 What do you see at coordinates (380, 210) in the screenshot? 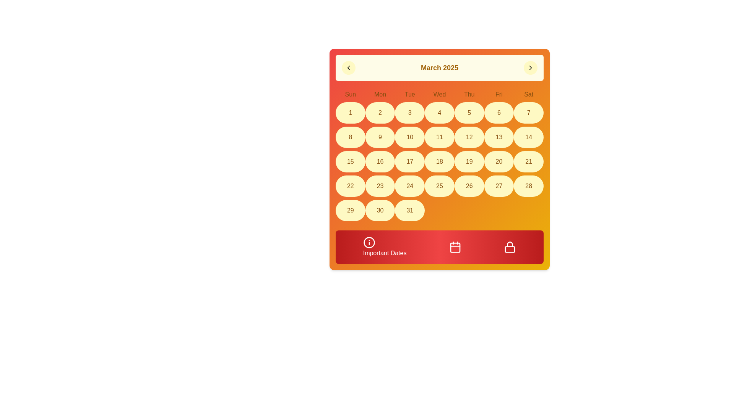
I see `the circular button displaying '30' with a light yellow background in the March 2025 calendar grid` at bounding box center [380, 210].